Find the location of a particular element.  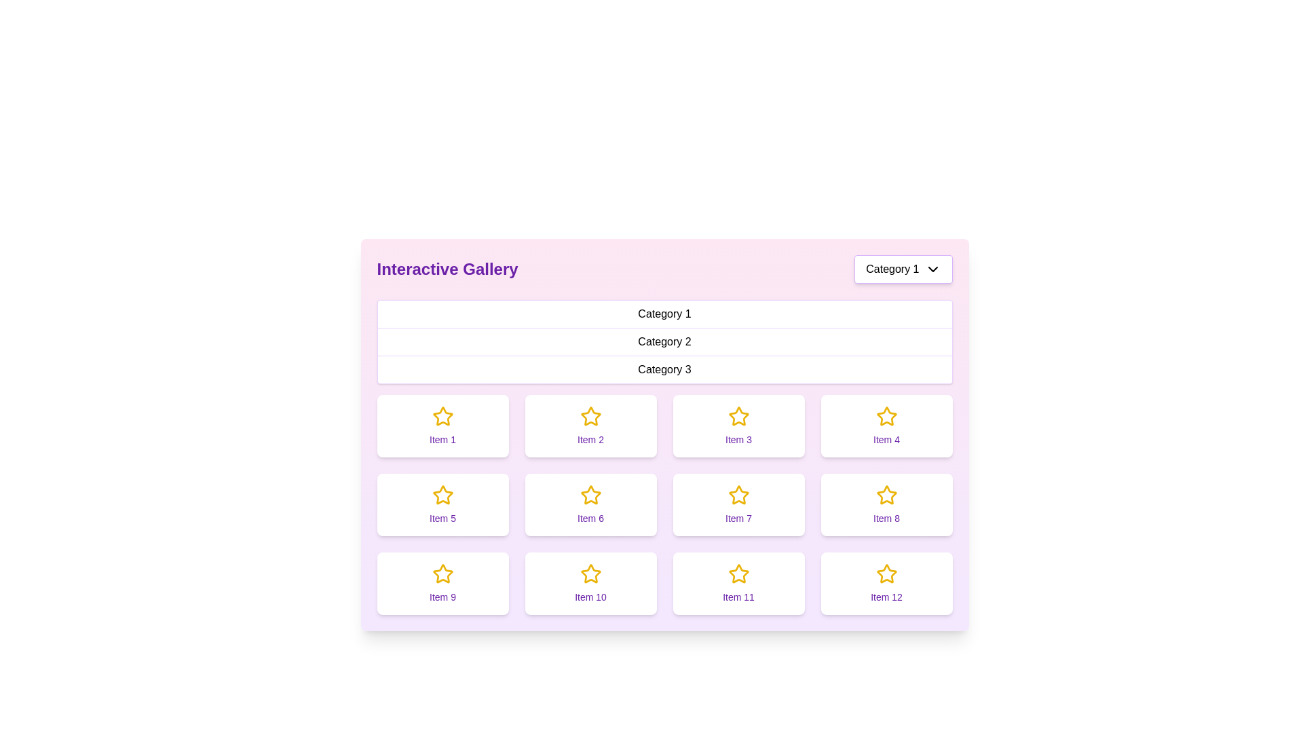

the yellow star icon located within the fourth item labeled 'Item 4' in the Interactive Gallery grid to interact visually is located at coordinates (886, 415).